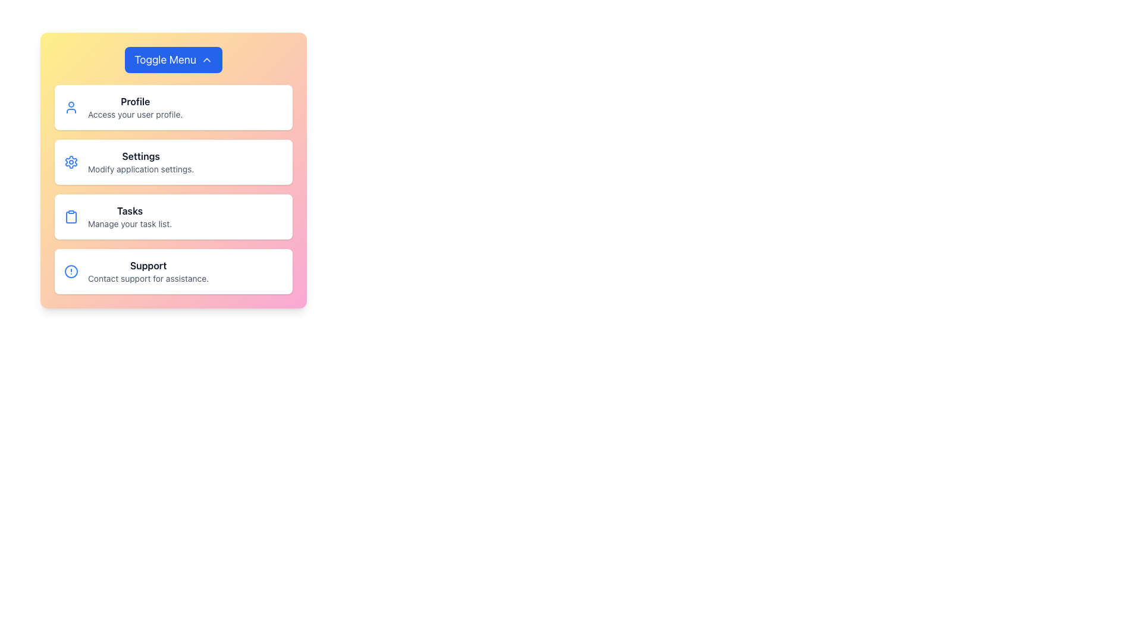  Describe the element at coordinates (130, 224) in the screenshot. I see `contextual information provided by the Text label located below the 'Tasks' title and above the 'Support' section` at that location.